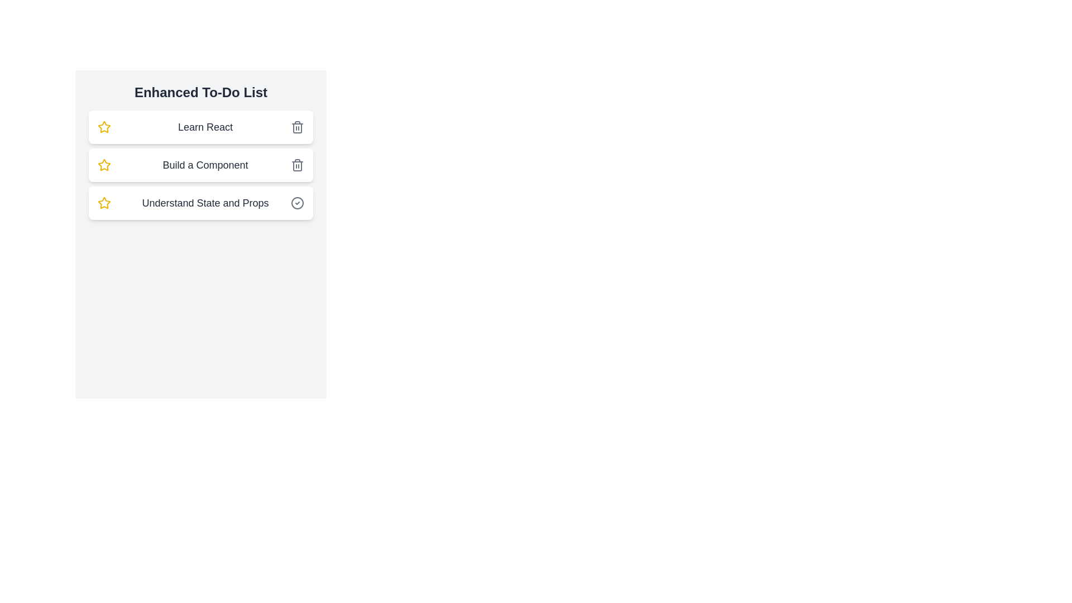 The height and width of the screenshot is (603, 1072). Describe the element at coordinates (104, 203) in the screenshot. I see `the star icon on the left of the 'Understand State and Props' list item` at that location.